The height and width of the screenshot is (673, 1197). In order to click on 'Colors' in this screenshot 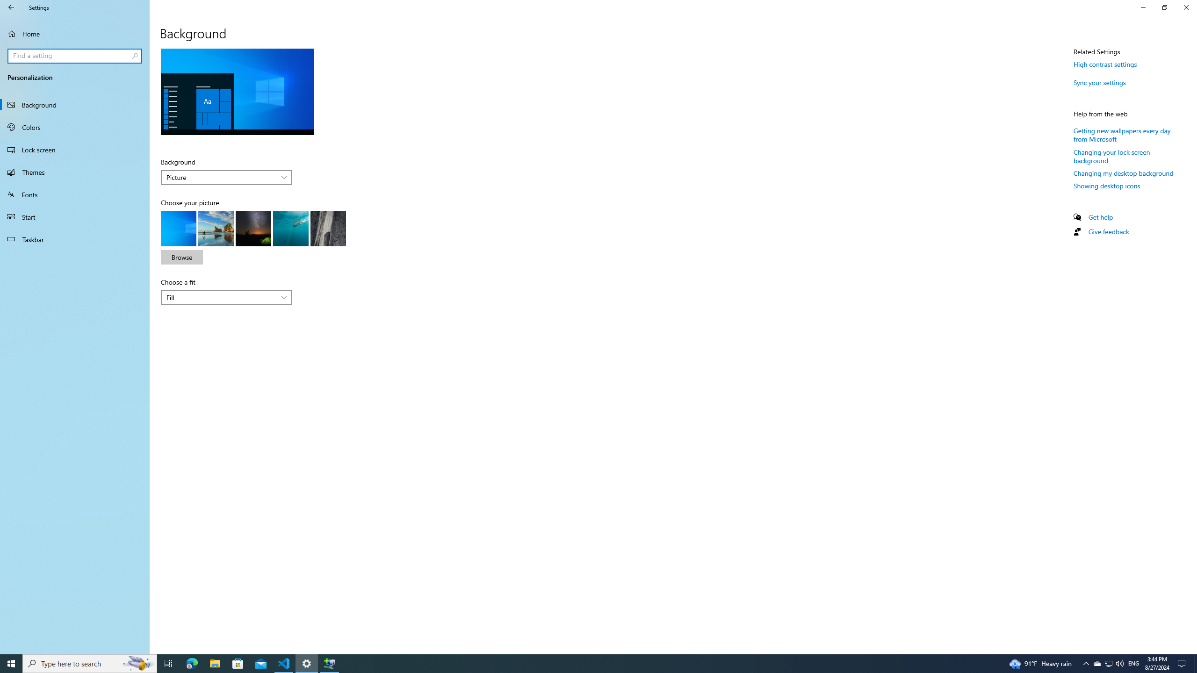, I will do `click(74, 127)`.